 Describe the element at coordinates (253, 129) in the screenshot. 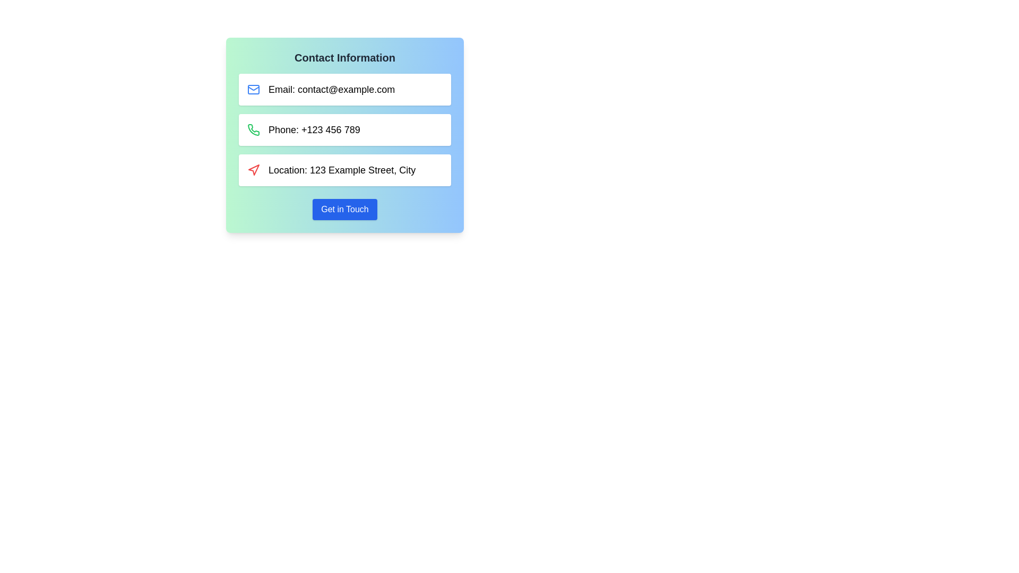

I see `decorative icon representing the phone contact information, located left of the text 'Phone: +123 456 789', for debugging purposes` at that location.